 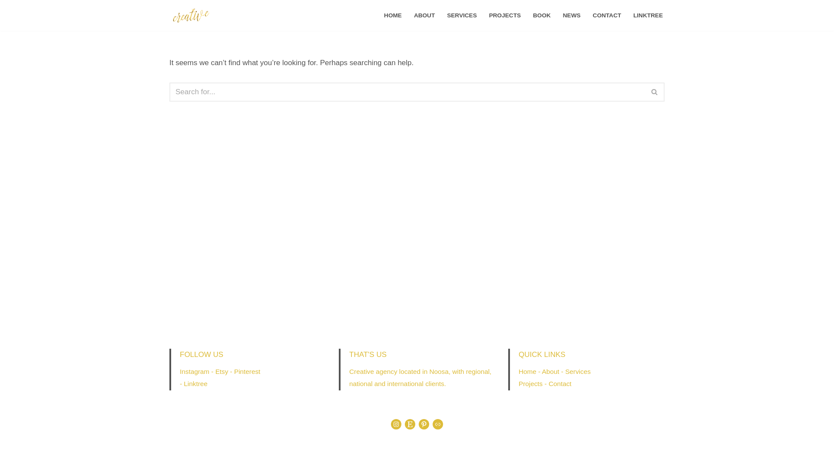 I want to click on 'Etsy', so click(x=222, y=371).